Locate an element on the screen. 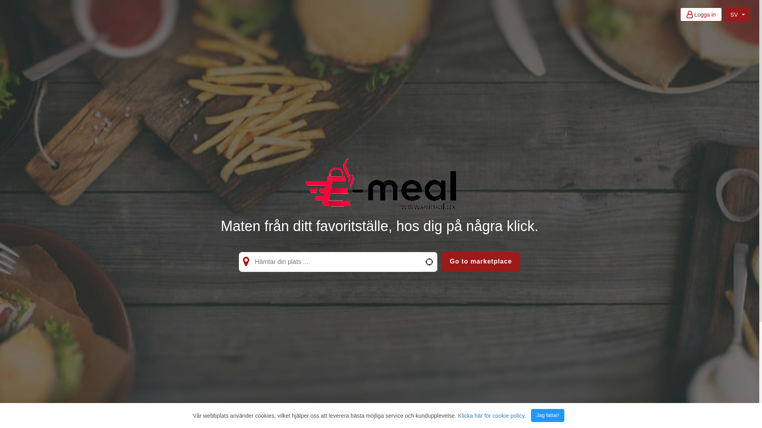 Image resolution: width=762 pixels, height=428 pixels. 'SV' is located at coordinates (737, 14).